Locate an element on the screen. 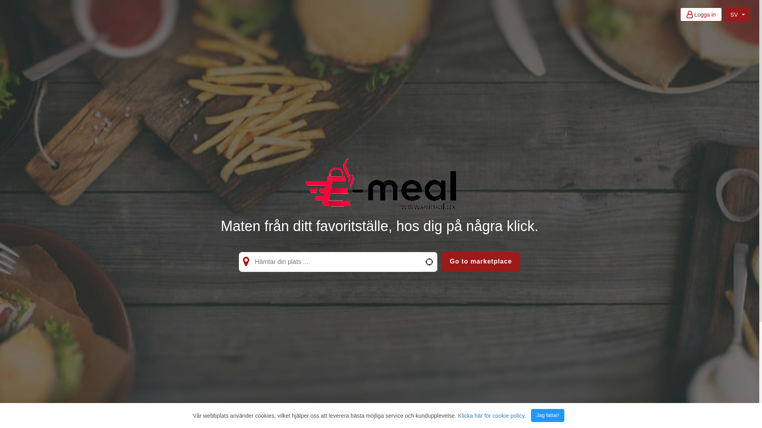 Image resolution: width=762 pixels, height=428 pixels. 'SV' is located at coordinates (737, 14).